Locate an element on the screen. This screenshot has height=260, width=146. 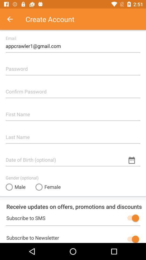
the appcrawler1@gmail.com item is located at coordinates (73, 44).